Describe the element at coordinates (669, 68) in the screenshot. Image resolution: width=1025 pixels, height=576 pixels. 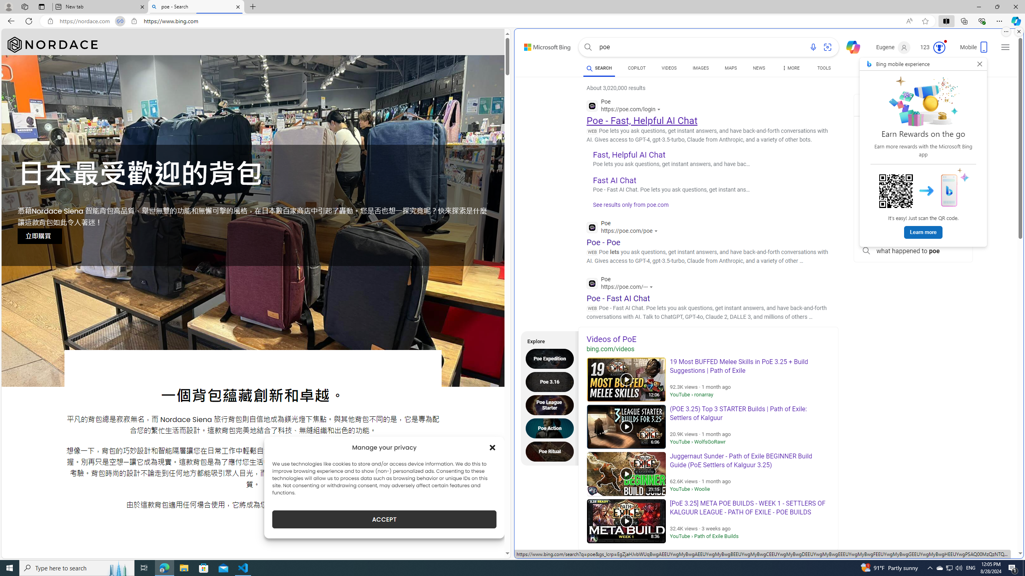
I see `'VIDEOS'` at that location.